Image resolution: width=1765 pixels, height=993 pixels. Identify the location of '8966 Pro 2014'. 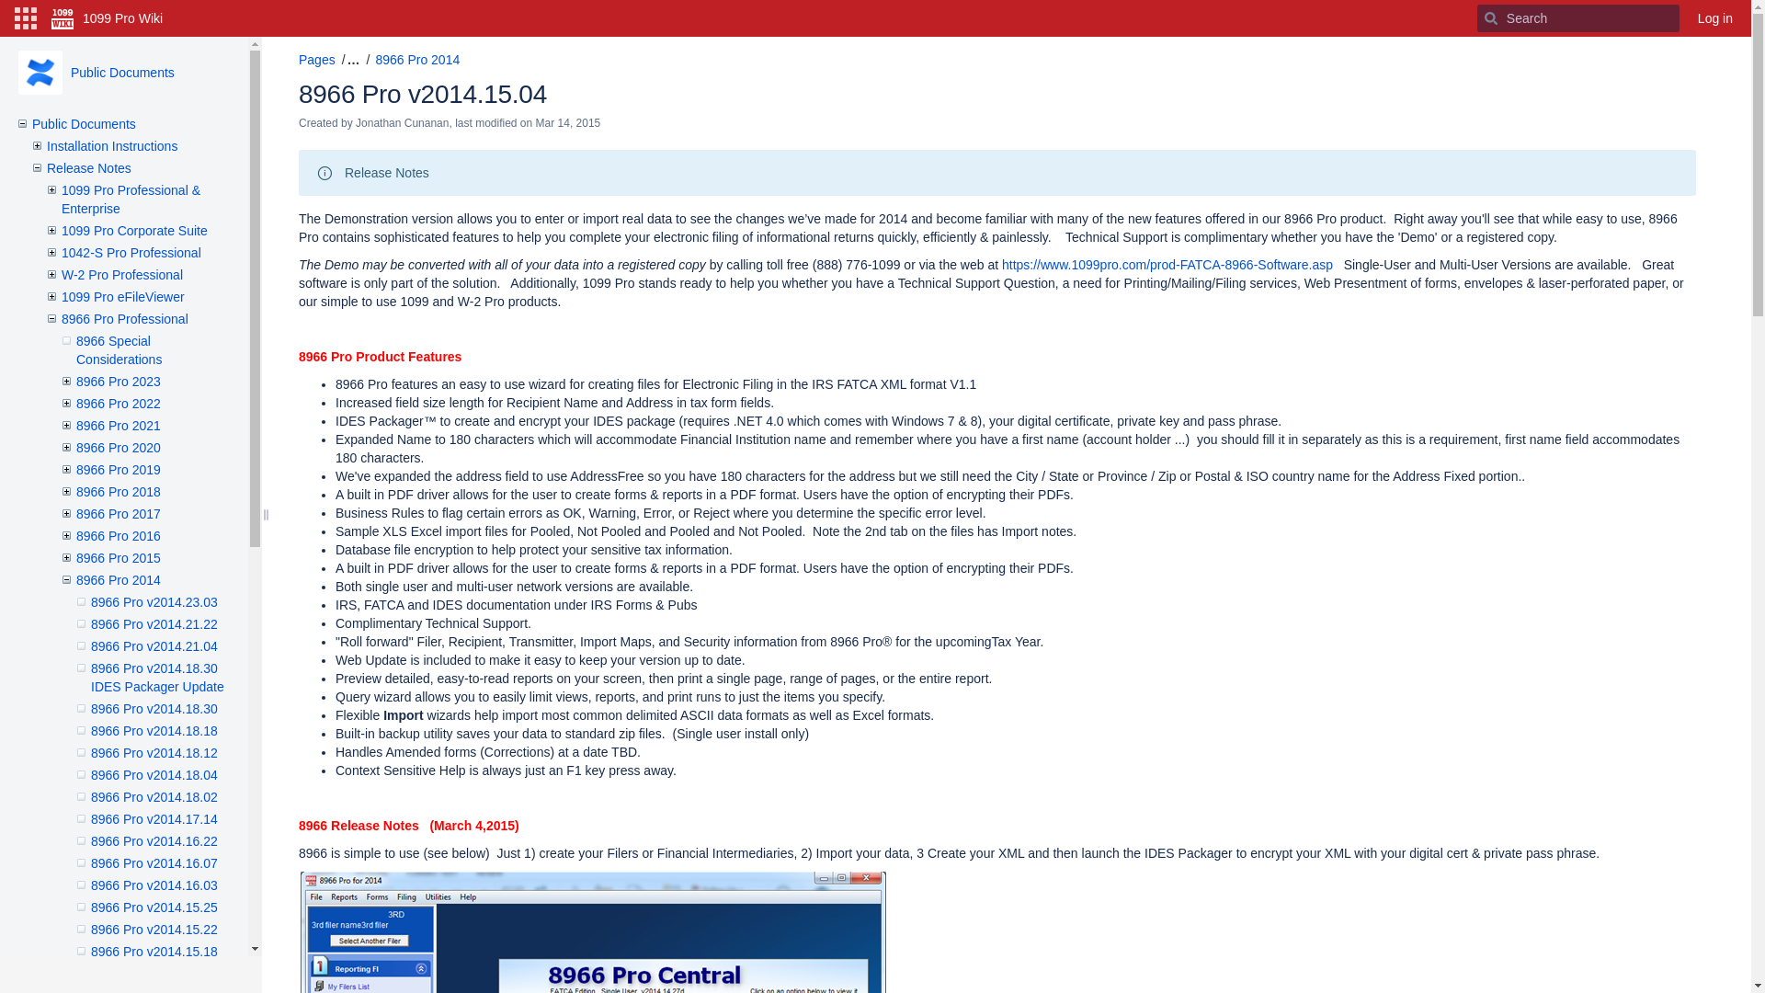
(416, 59).